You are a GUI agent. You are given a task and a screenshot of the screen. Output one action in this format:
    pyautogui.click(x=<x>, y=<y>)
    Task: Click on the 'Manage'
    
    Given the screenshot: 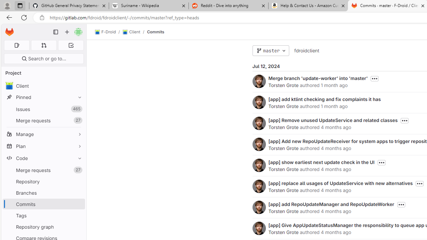 What is the action you would take?
    pyautogui.click(x=43, y=134)
    